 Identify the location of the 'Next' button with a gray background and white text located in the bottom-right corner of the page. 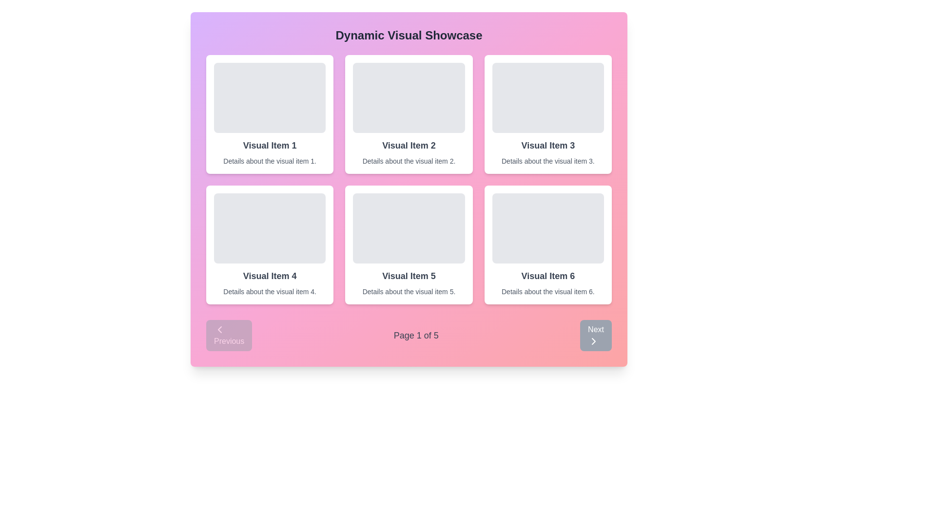
(595, 335).